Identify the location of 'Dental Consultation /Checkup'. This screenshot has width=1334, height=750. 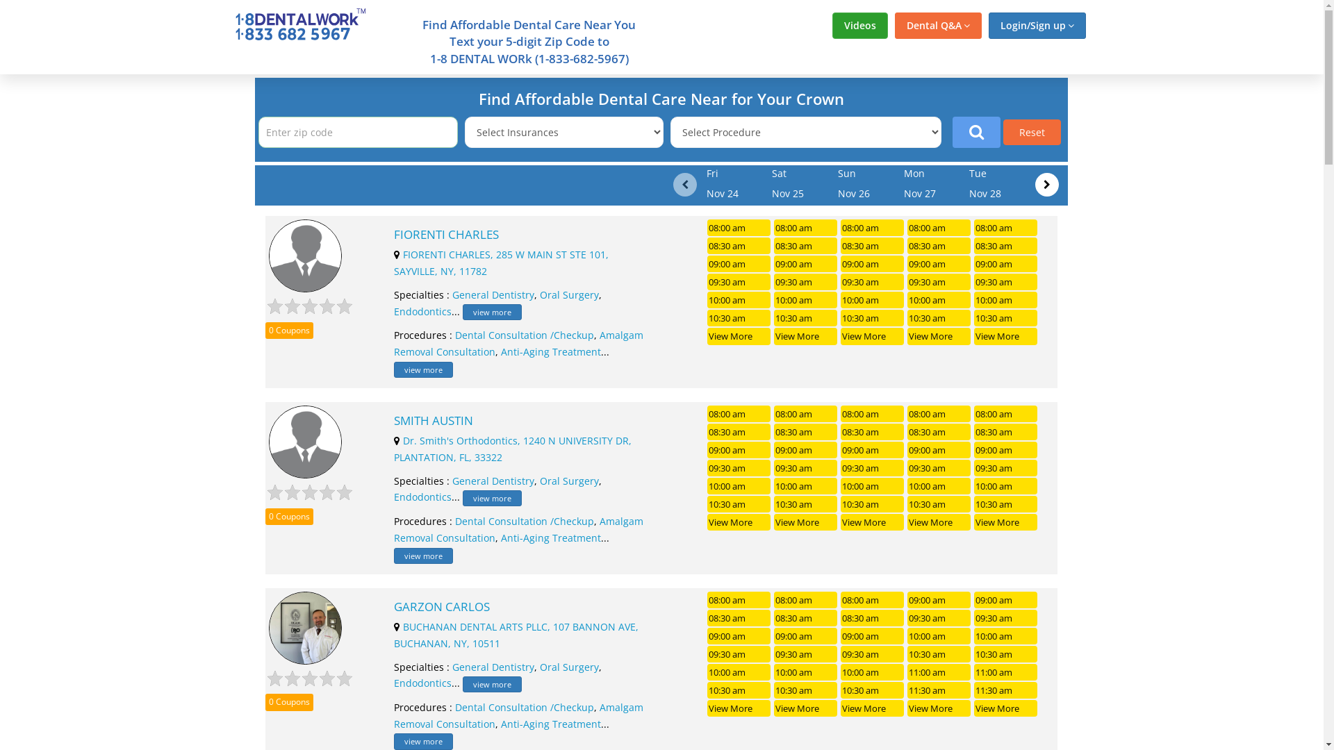
(523, 335).